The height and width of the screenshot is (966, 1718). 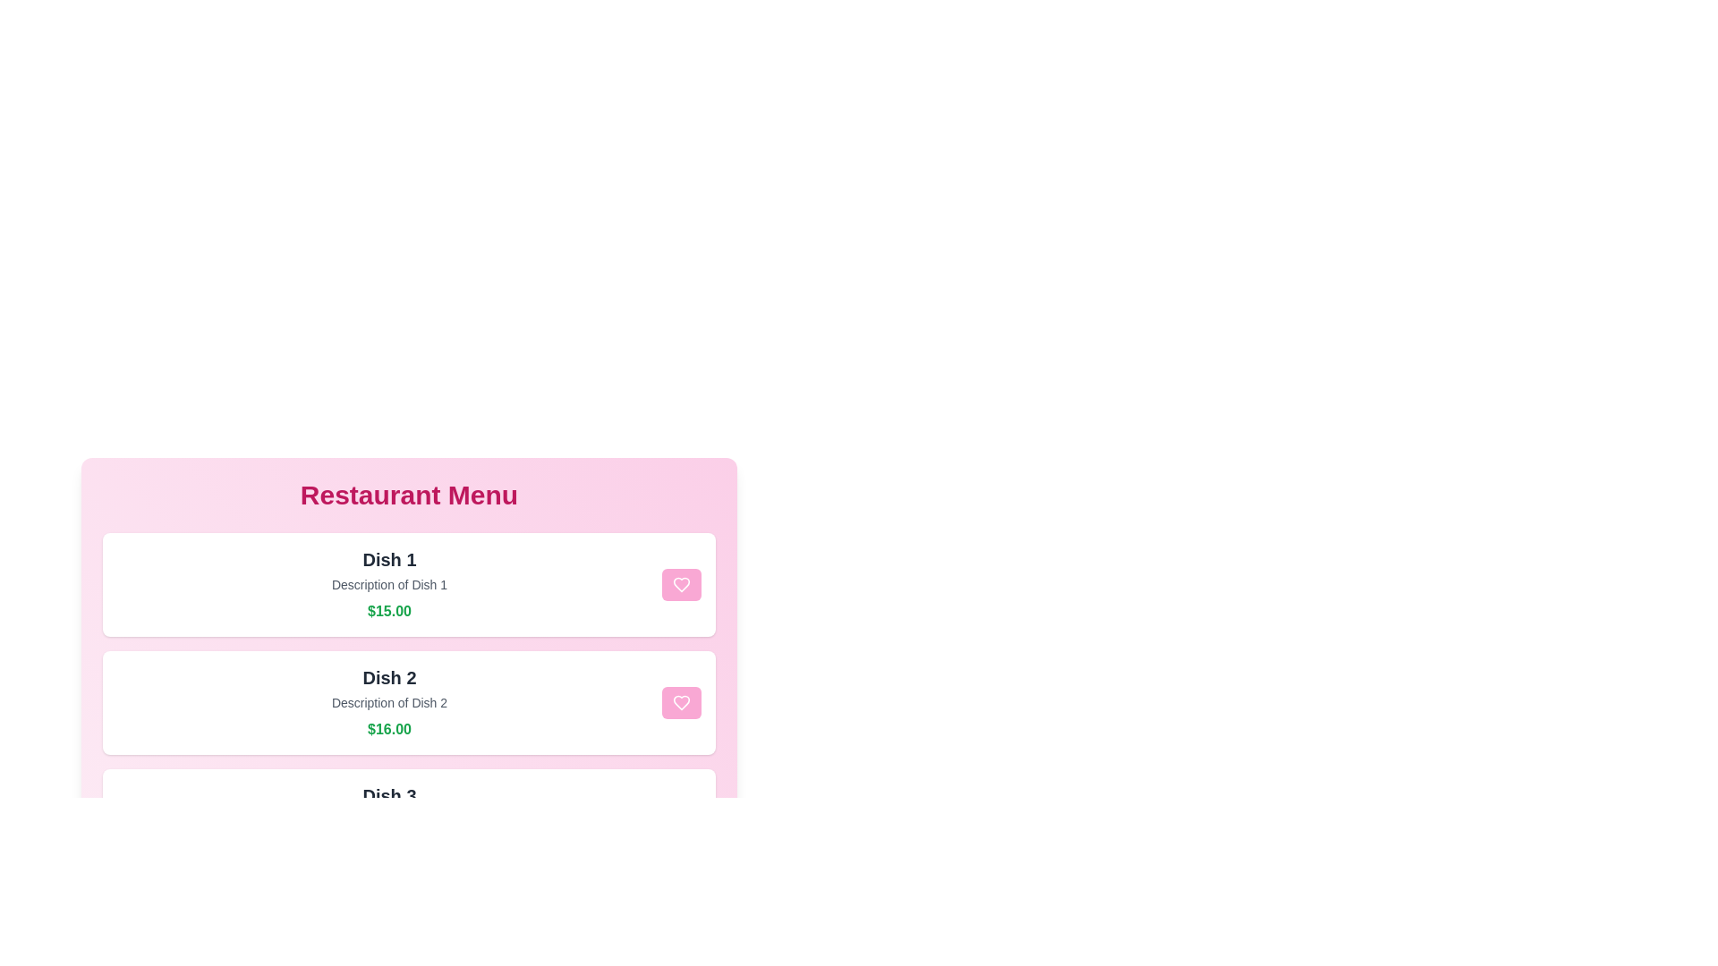 I want to click on the text label displaying '$16.00' in bold green font, located below the description of 'Dish 2' in the menu layout, so click(x=388, y=730).